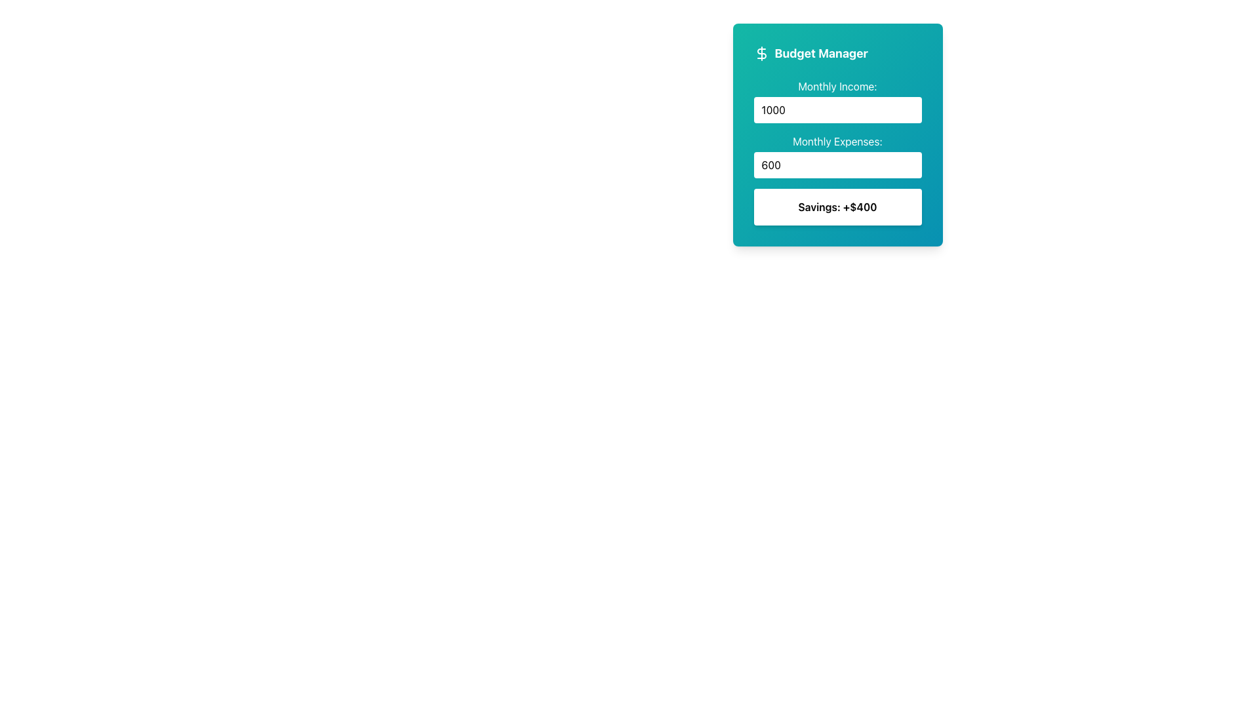  I want to click on the Text Display element that shows the calculated savings value formatted as 'Savings: +$400', located within a blue gradient card below the input fields for 'Monthly Income' and 'Monthly Expenses', so click(837, 206).